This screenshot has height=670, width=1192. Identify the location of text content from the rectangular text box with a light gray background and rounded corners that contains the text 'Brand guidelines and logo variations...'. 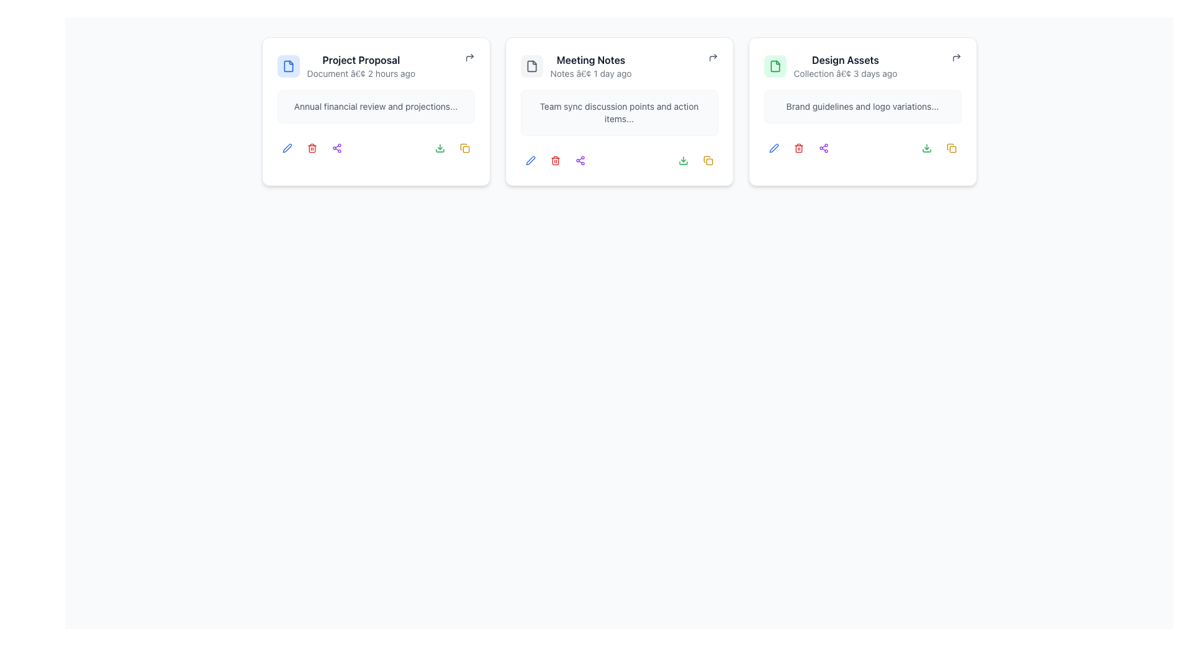
(862, 106).